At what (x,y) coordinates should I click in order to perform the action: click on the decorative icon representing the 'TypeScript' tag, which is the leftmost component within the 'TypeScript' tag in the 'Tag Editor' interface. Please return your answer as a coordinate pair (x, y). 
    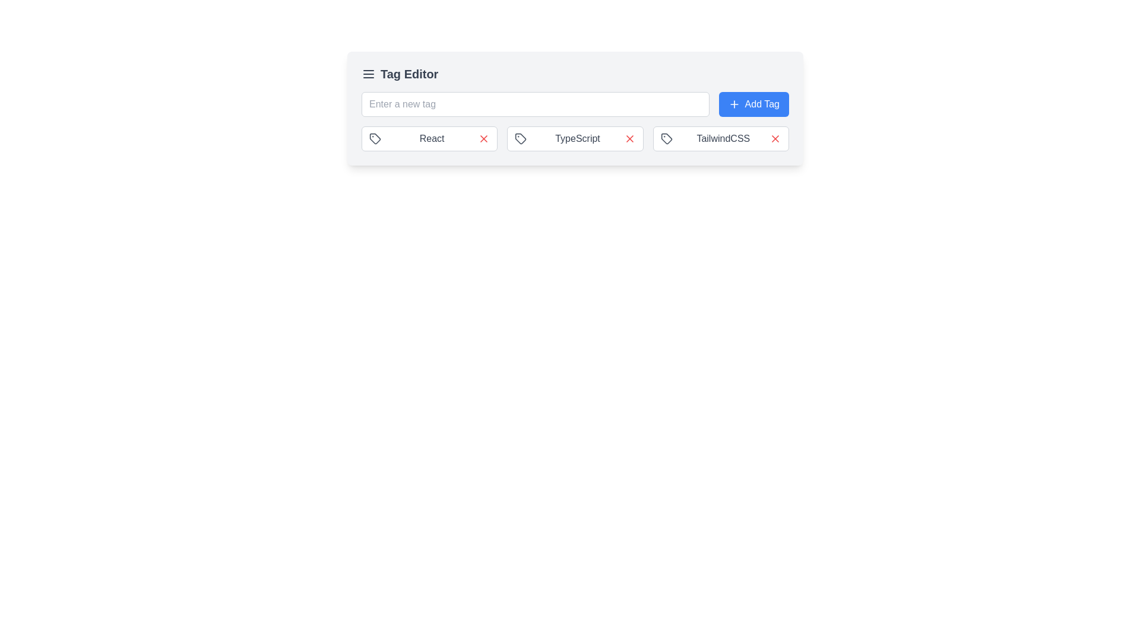
    Looking at the image, I should click on (521, 138).